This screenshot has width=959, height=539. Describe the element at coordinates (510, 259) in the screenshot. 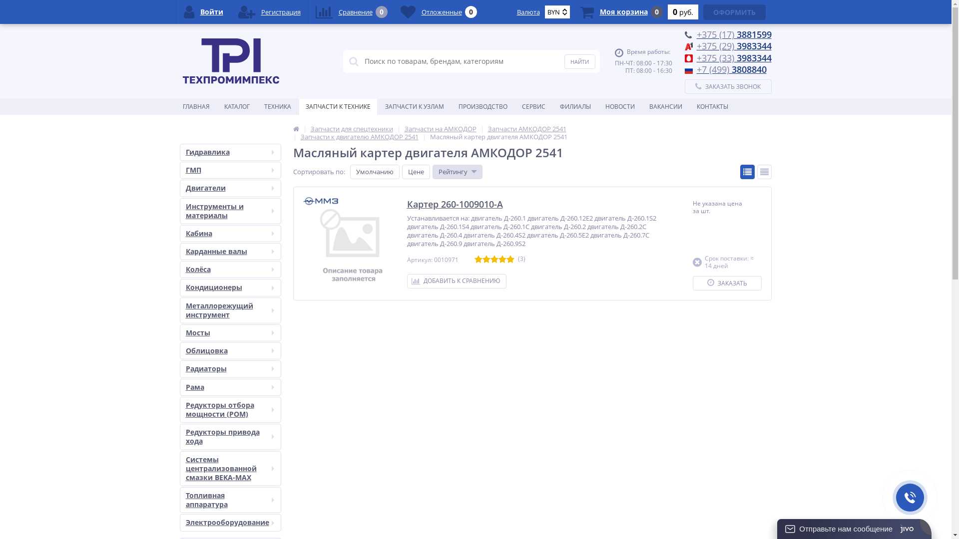

I see `'5'` at that location.